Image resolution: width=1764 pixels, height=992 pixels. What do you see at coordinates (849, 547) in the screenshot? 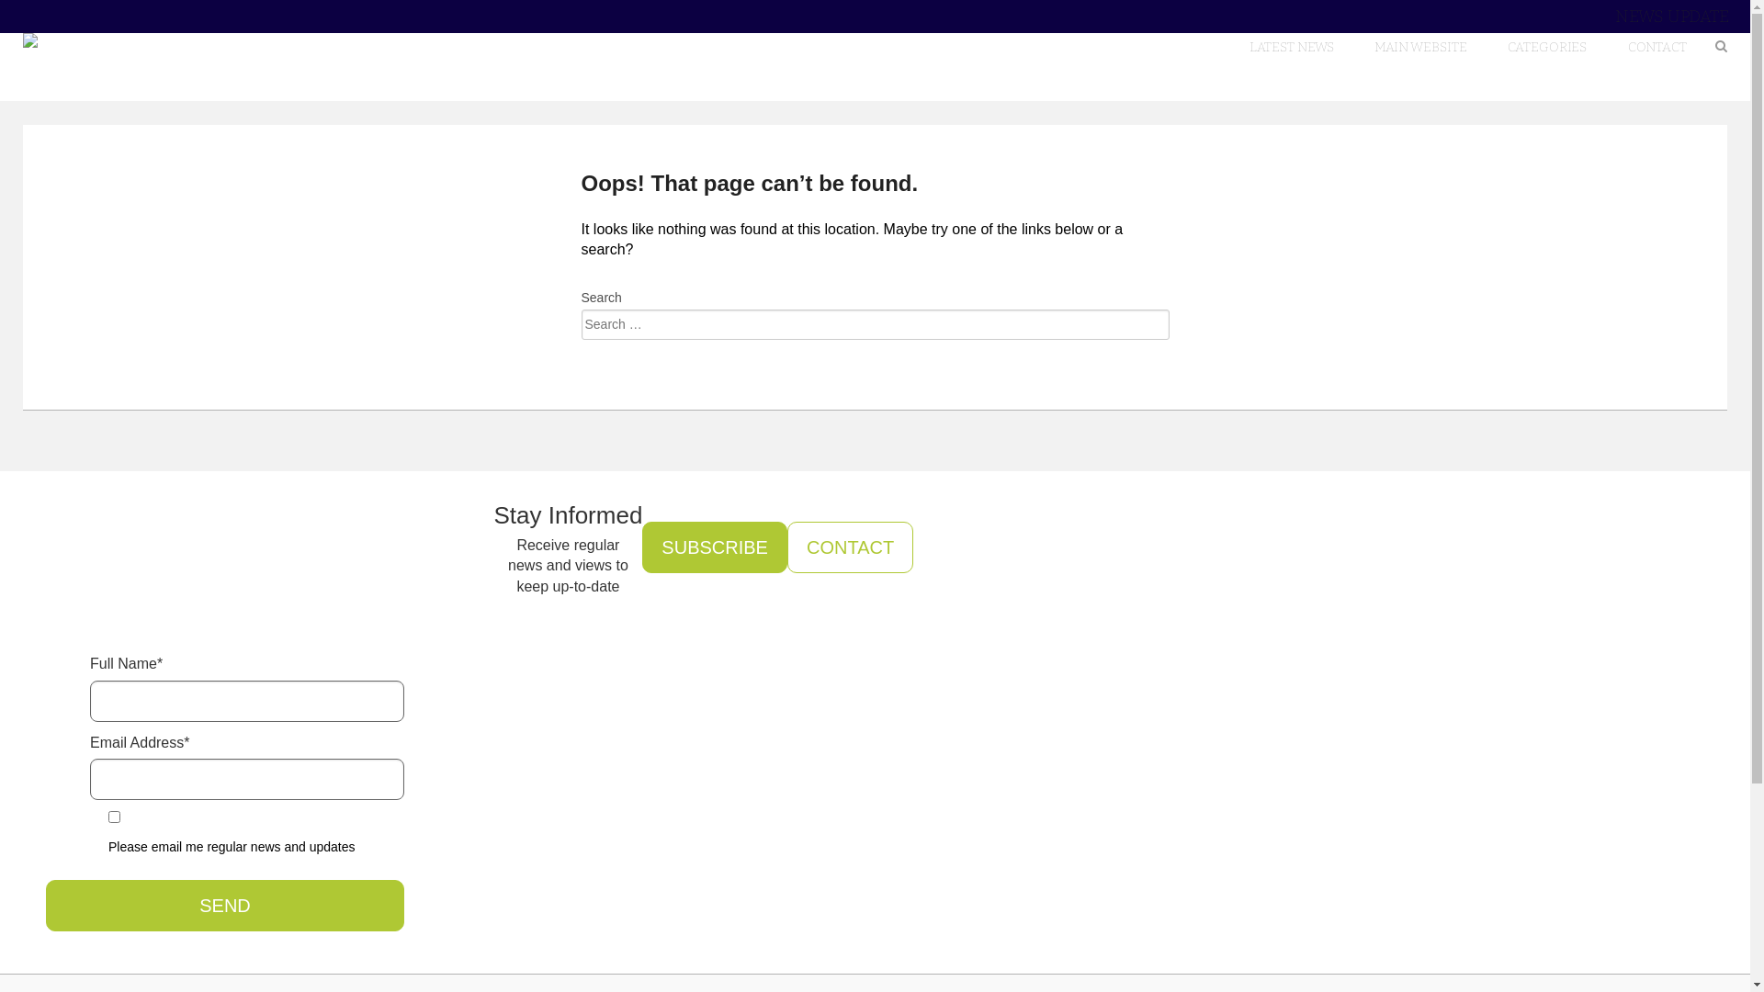
I see `'CONTACT'` at bounding box center [849, 547].